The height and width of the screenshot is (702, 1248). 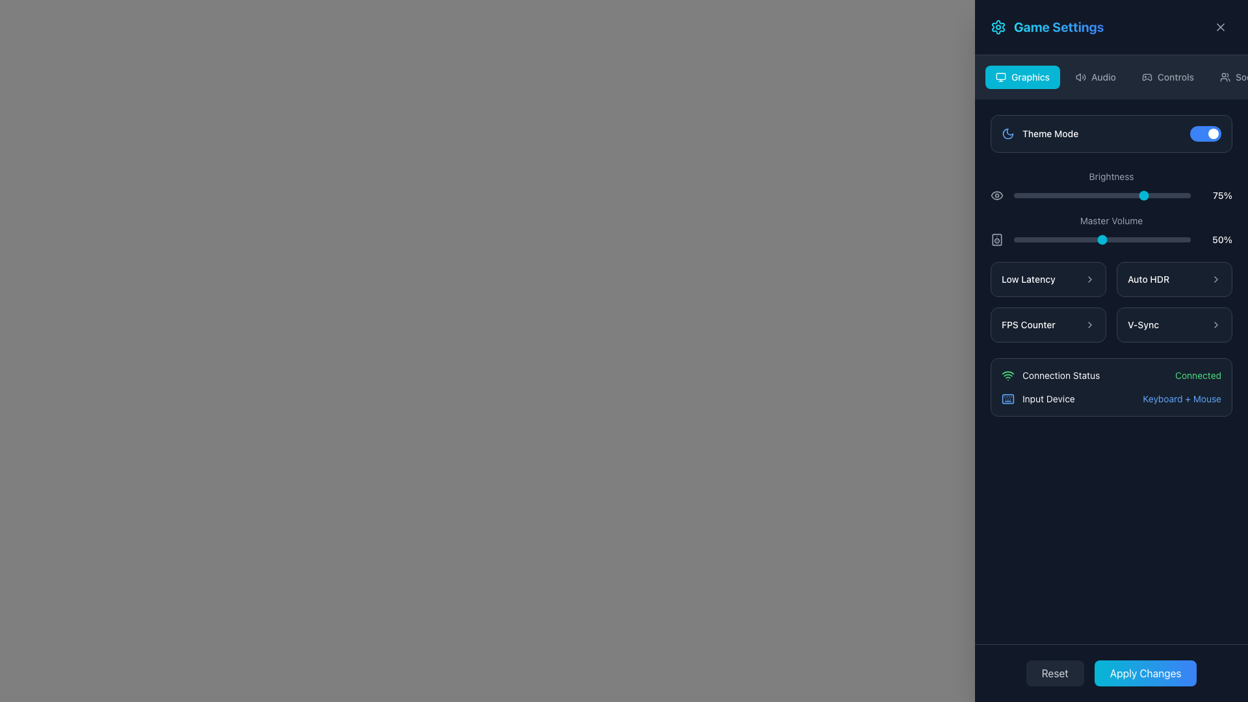 What do you see at coordinates (1061, 376) in the screenshot?
I see `the label that provides context for the adjacent connection status indicator, located to the right of the Wi-Fi icon and to the left of the status indicator text in the settings menu` at bounding box center [1061, 376].